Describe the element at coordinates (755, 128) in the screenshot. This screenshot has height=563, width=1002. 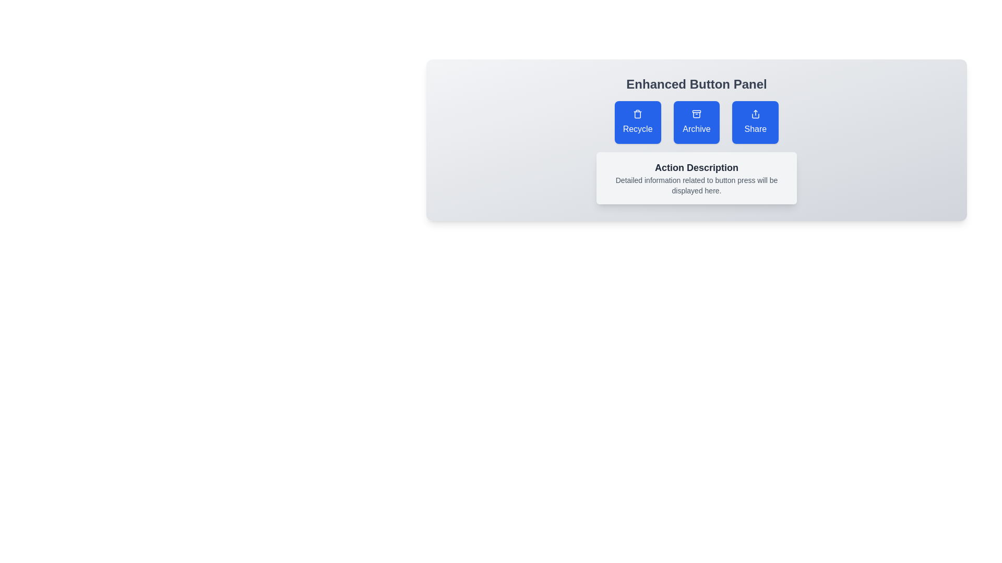
I see `text 'Share' located within the blue button at the far right of a row of three buttons labeled 'Recycle', 'Archive', and 'Share'` at that location.